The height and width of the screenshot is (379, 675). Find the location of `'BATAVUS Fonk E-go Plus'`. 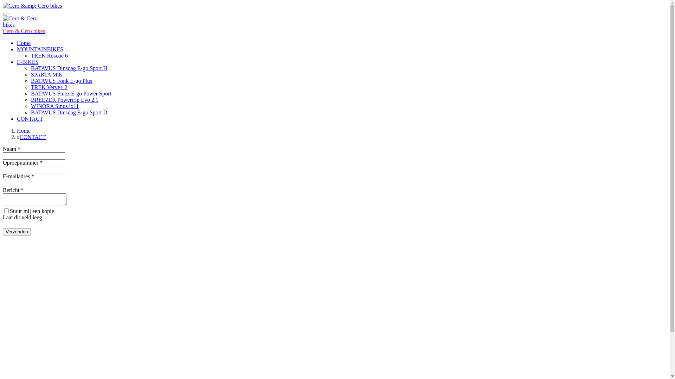

'BATAVUS Fonk E-go Plus' is located at coordinates (61, 80).